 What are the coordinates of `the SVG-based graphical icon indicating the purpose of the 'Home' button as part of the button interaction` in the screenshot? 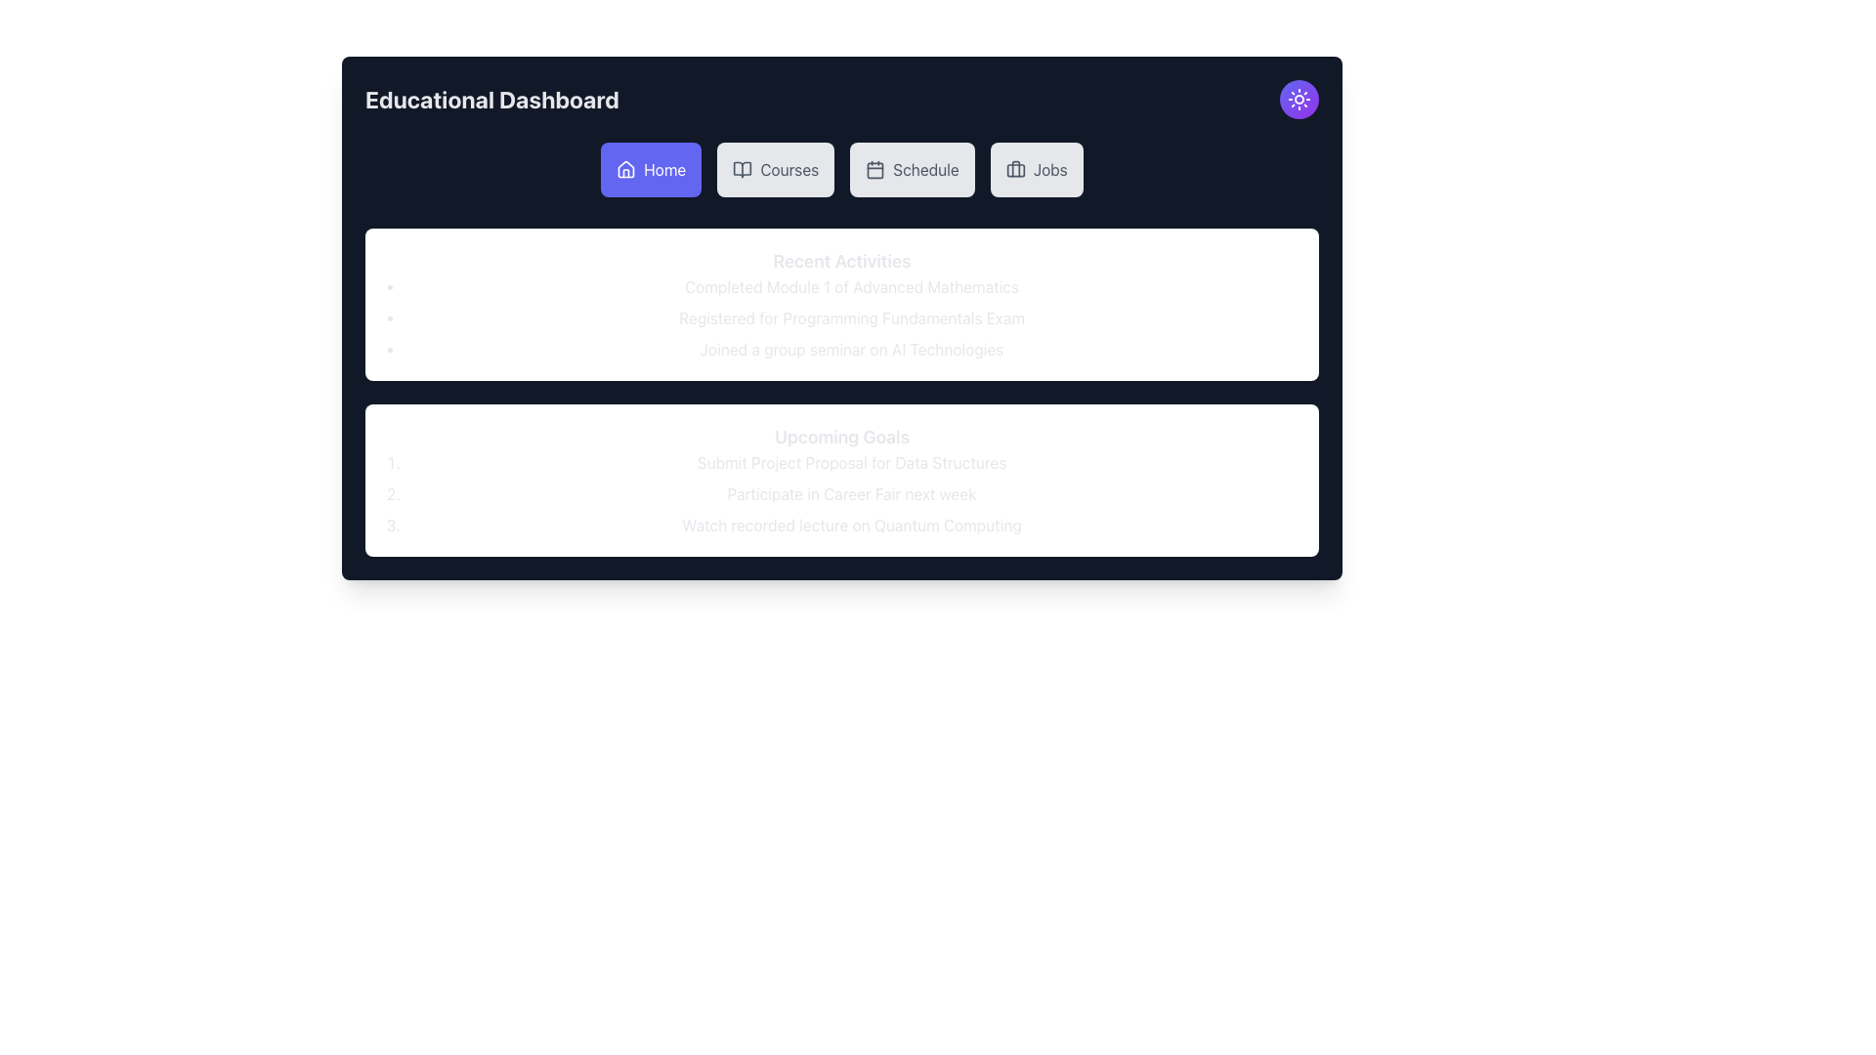 It's located at (626, 168).